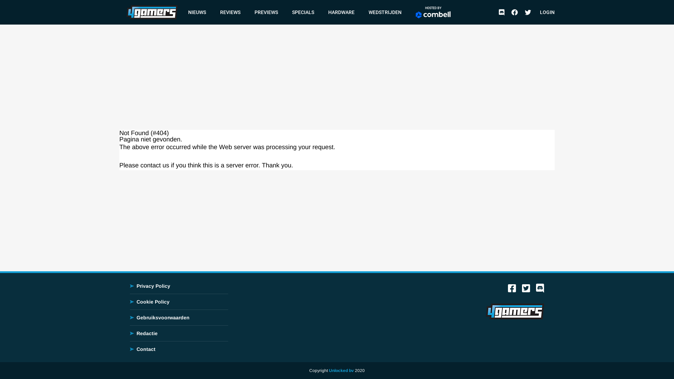 The width and height of the screenshot is (674, 379). I want to click on 'Hosting en Webhosting bij Combell', so click(432, 15).